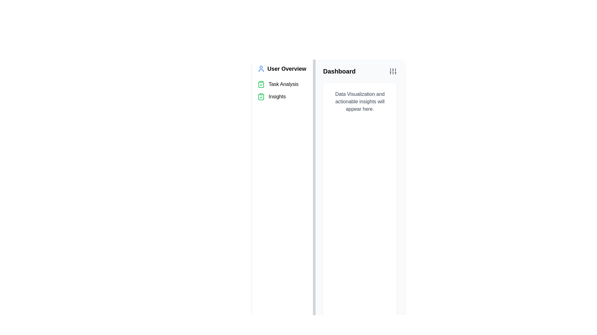 This screenshot has height=335, width=597. What do you see at coordinates (282, 84) in the screenshot?
I see `the first list item` at bounding box center [282, 84].